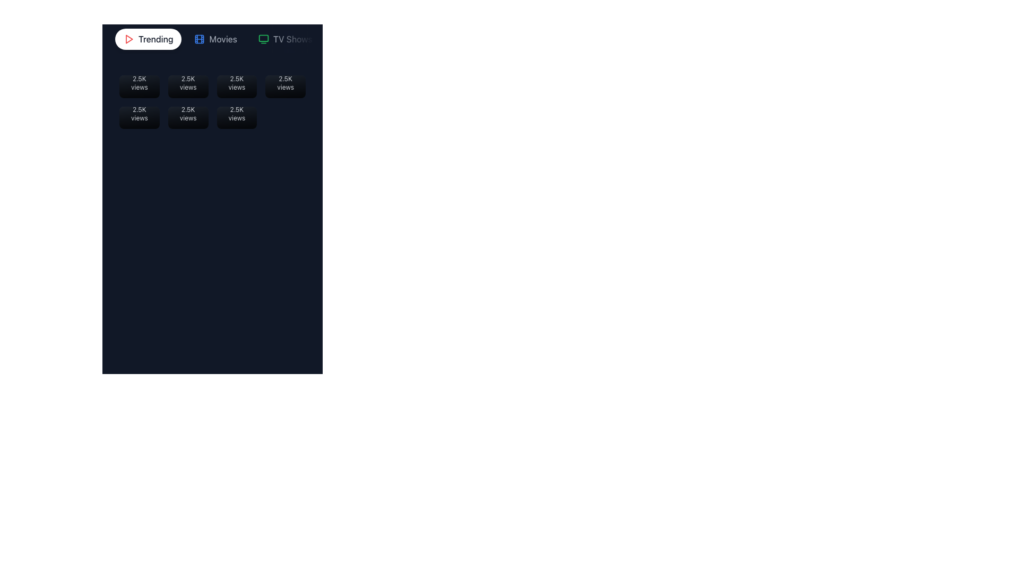  Describe the element at coordinates (200, 38) in the screenshot. I see `the blue film strip icon in the navigation menu for the 'Movies' tab, located to the left of the text 'Movies'` at that location.